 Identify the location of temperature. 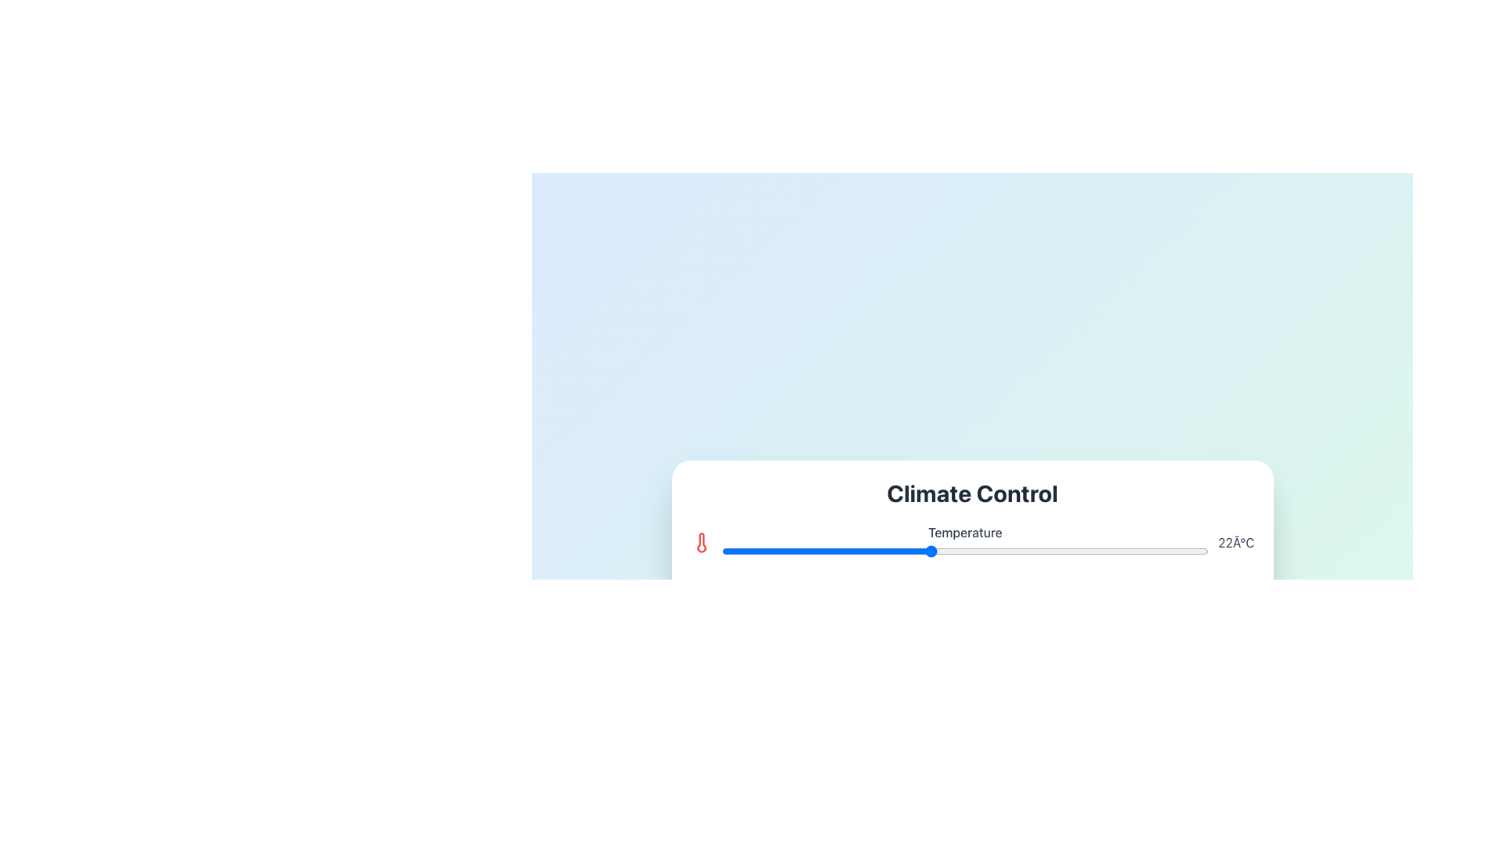
(860, 551).